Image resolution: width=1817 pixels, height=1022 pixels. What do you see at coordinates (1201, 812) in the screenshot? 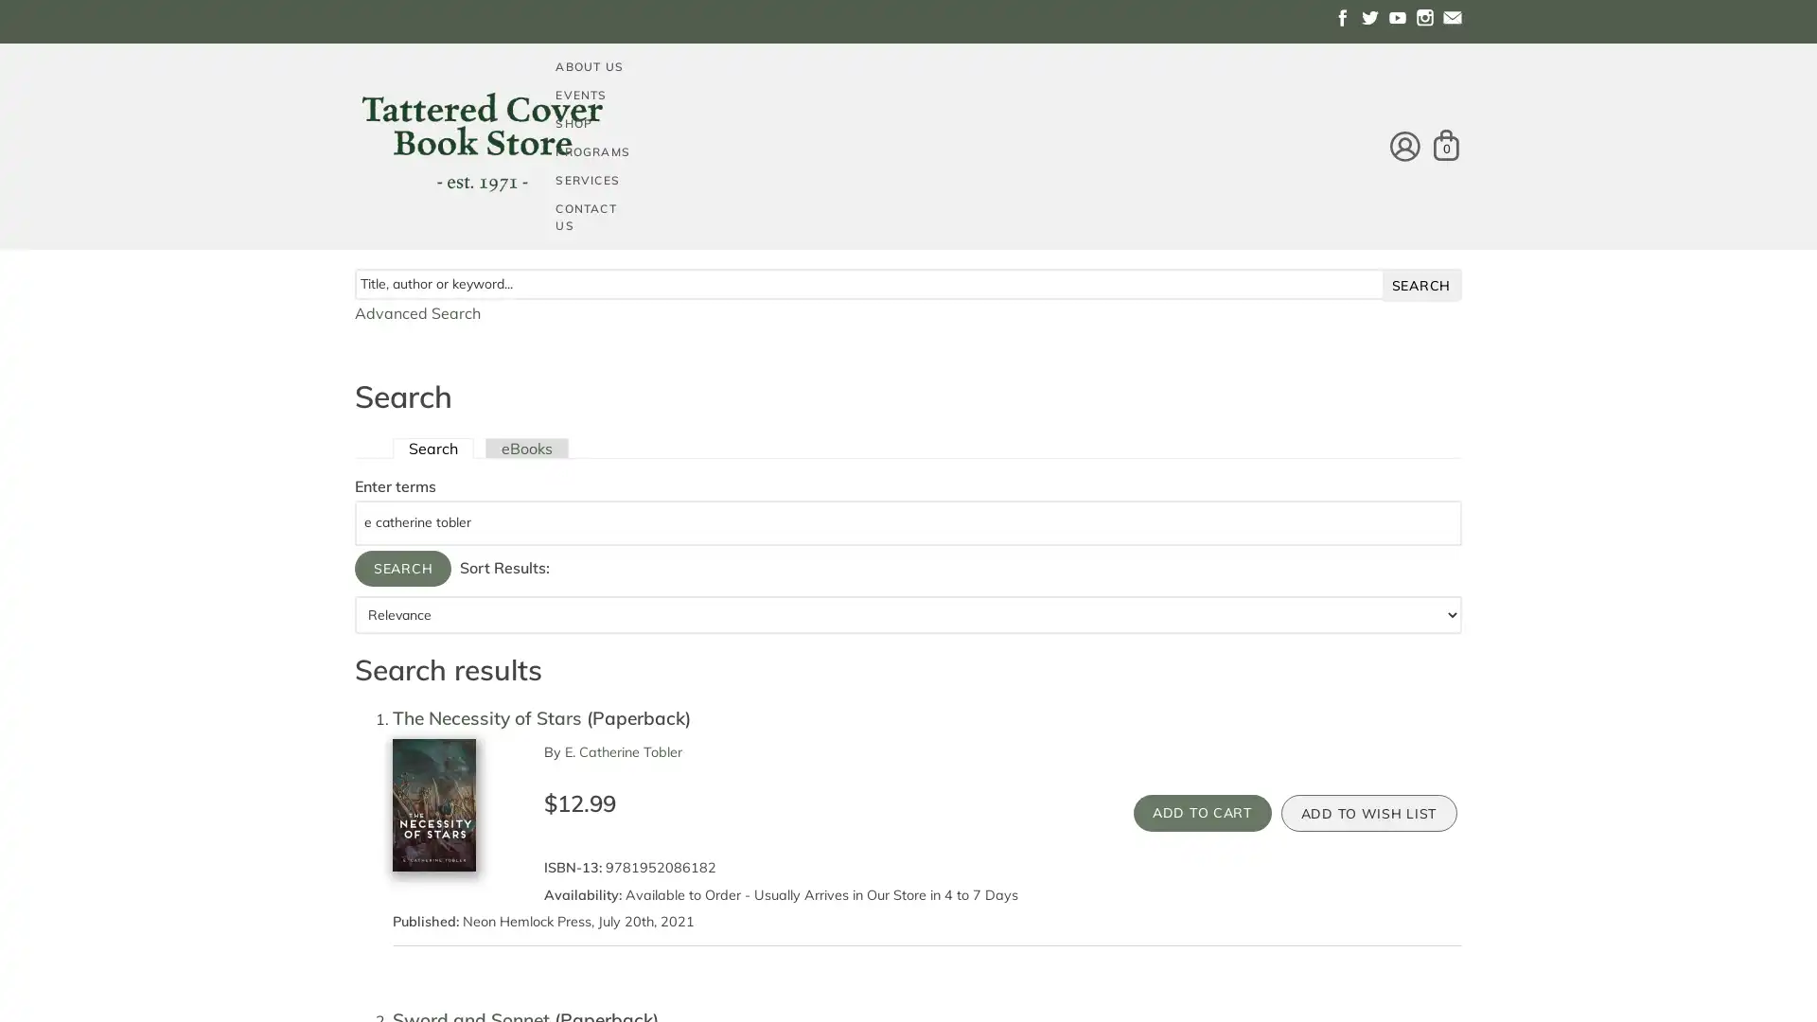
I see `Add to Cart` at bounding box center [1201, 812].